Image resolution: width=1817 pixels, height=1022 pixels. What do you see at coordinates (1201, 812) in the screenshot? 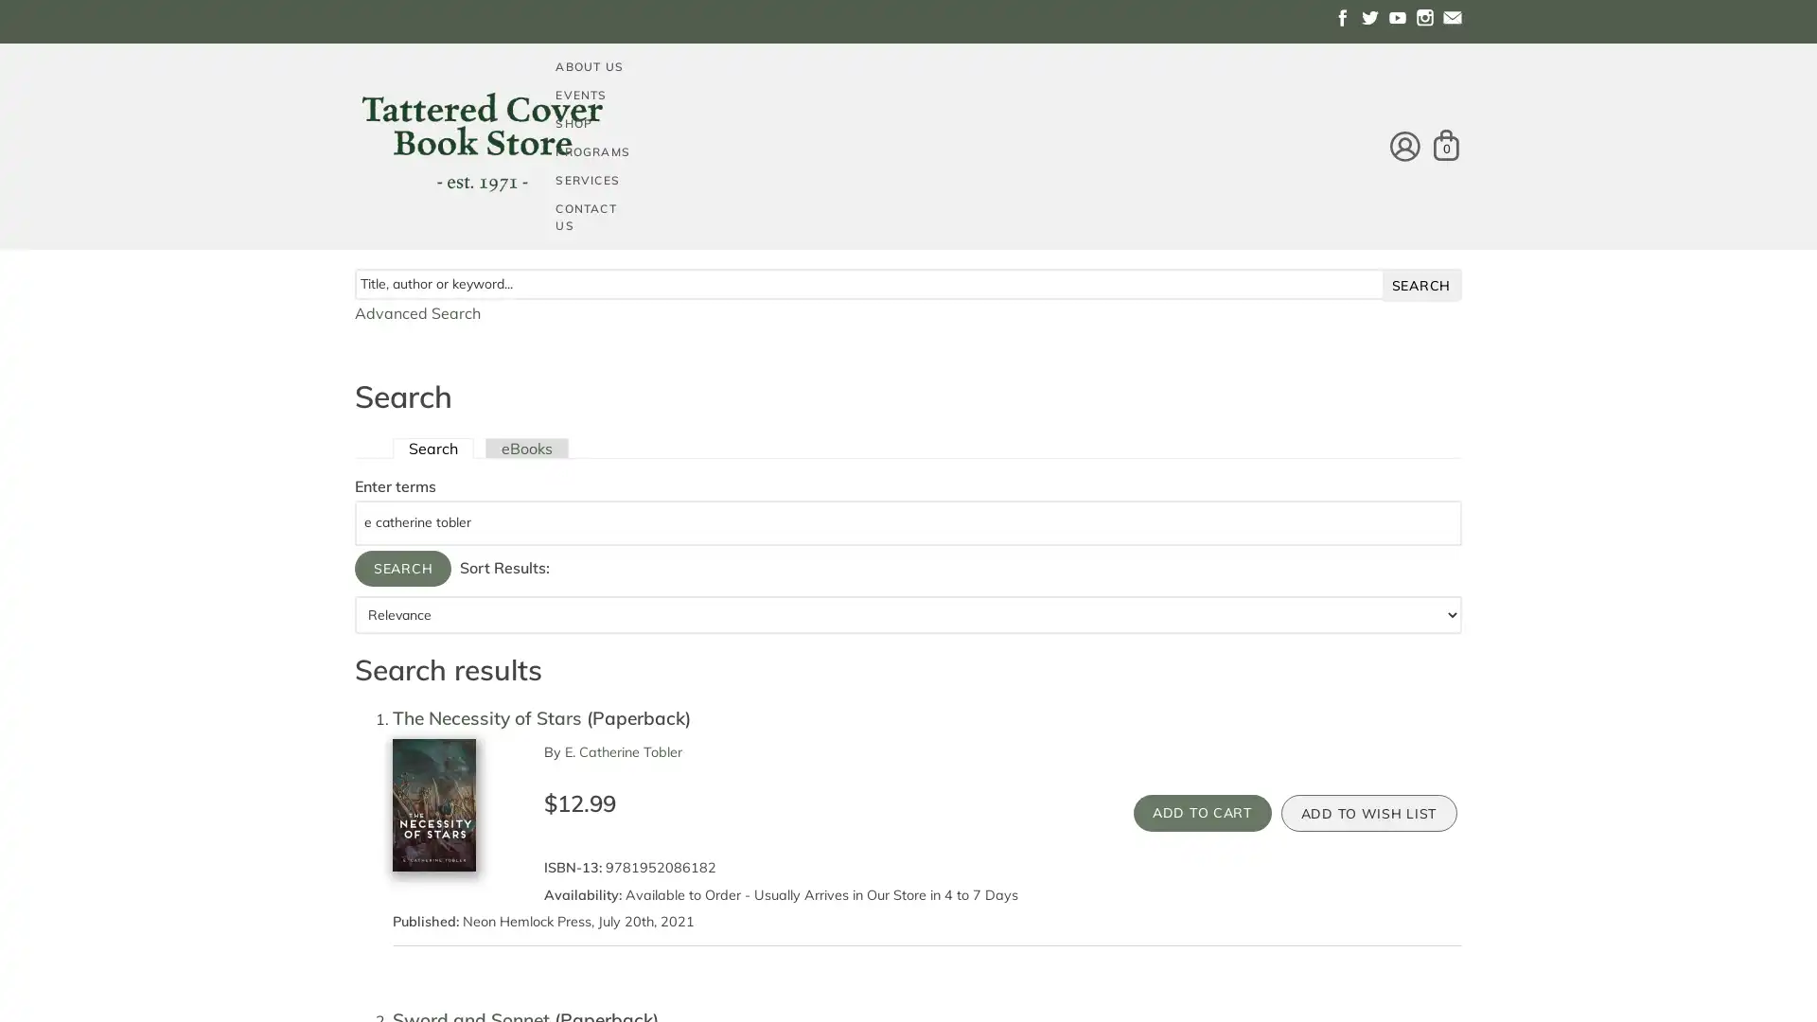
I see `Add to Cart` at bounding box center [1201, 812].